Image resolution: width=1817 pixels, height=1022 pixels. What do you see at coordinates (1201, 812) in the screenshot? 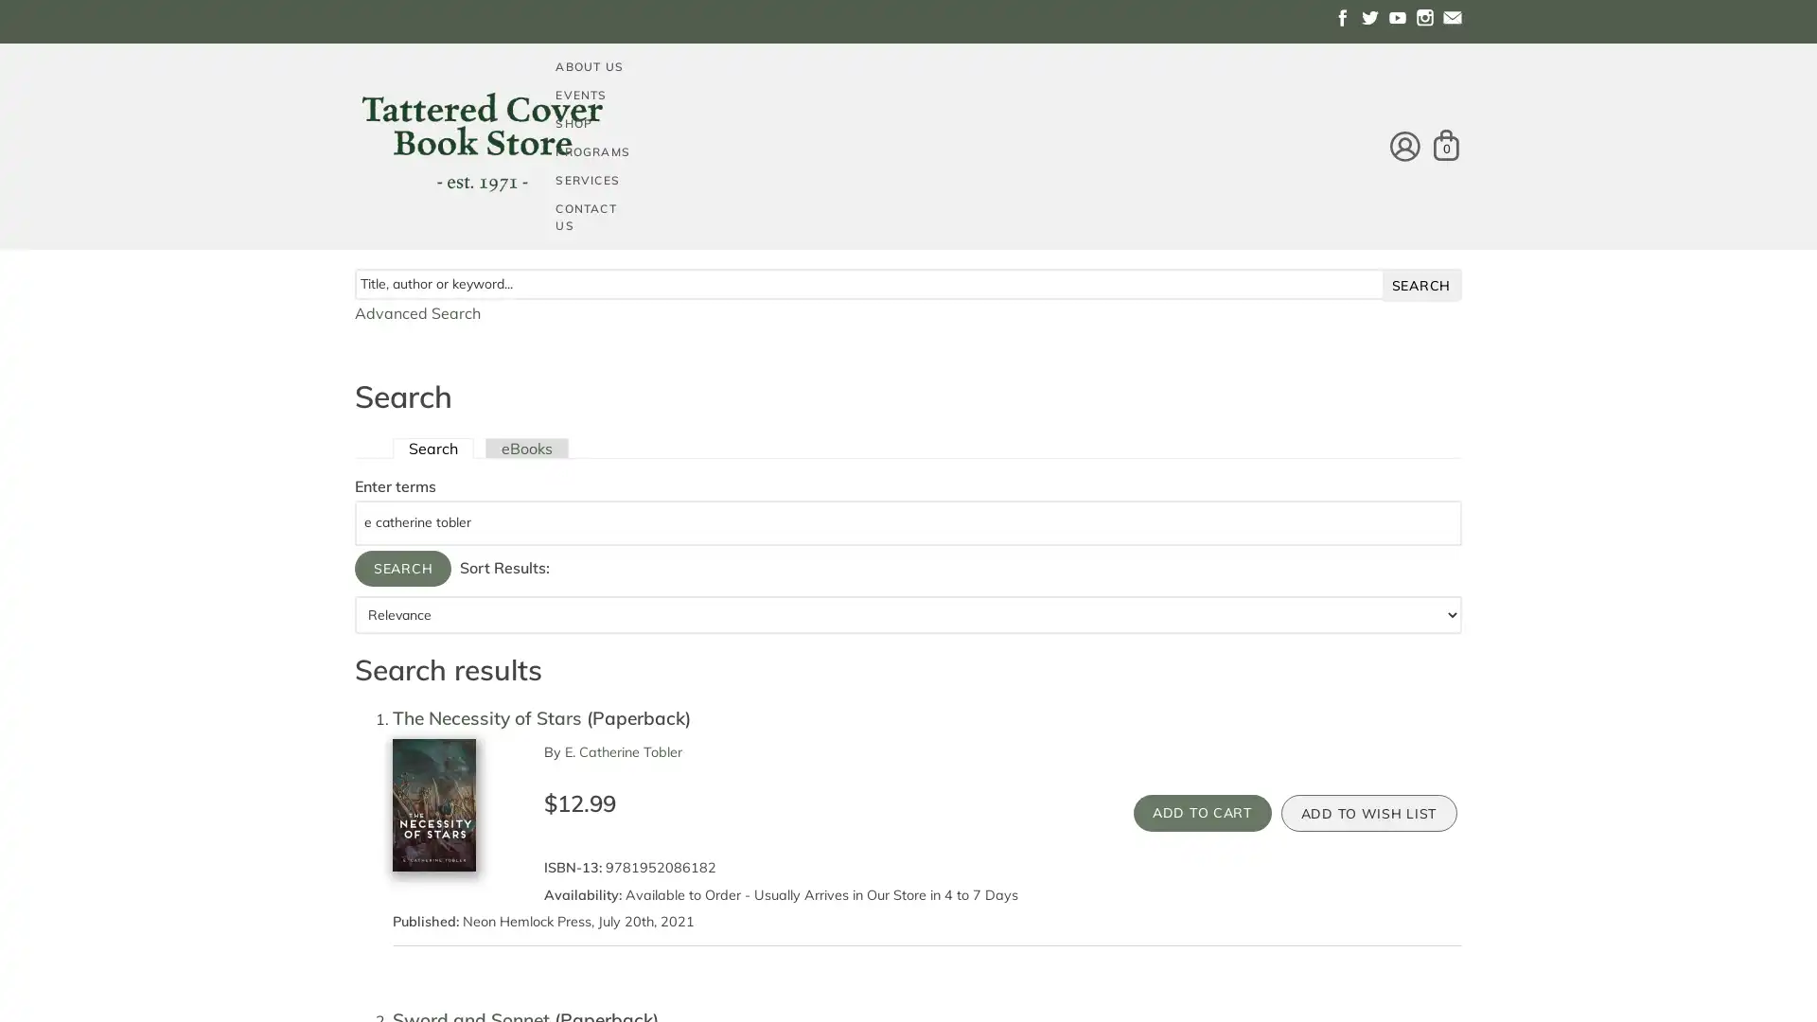
I see `Add to Cart` at bounding box center [1201, 812].